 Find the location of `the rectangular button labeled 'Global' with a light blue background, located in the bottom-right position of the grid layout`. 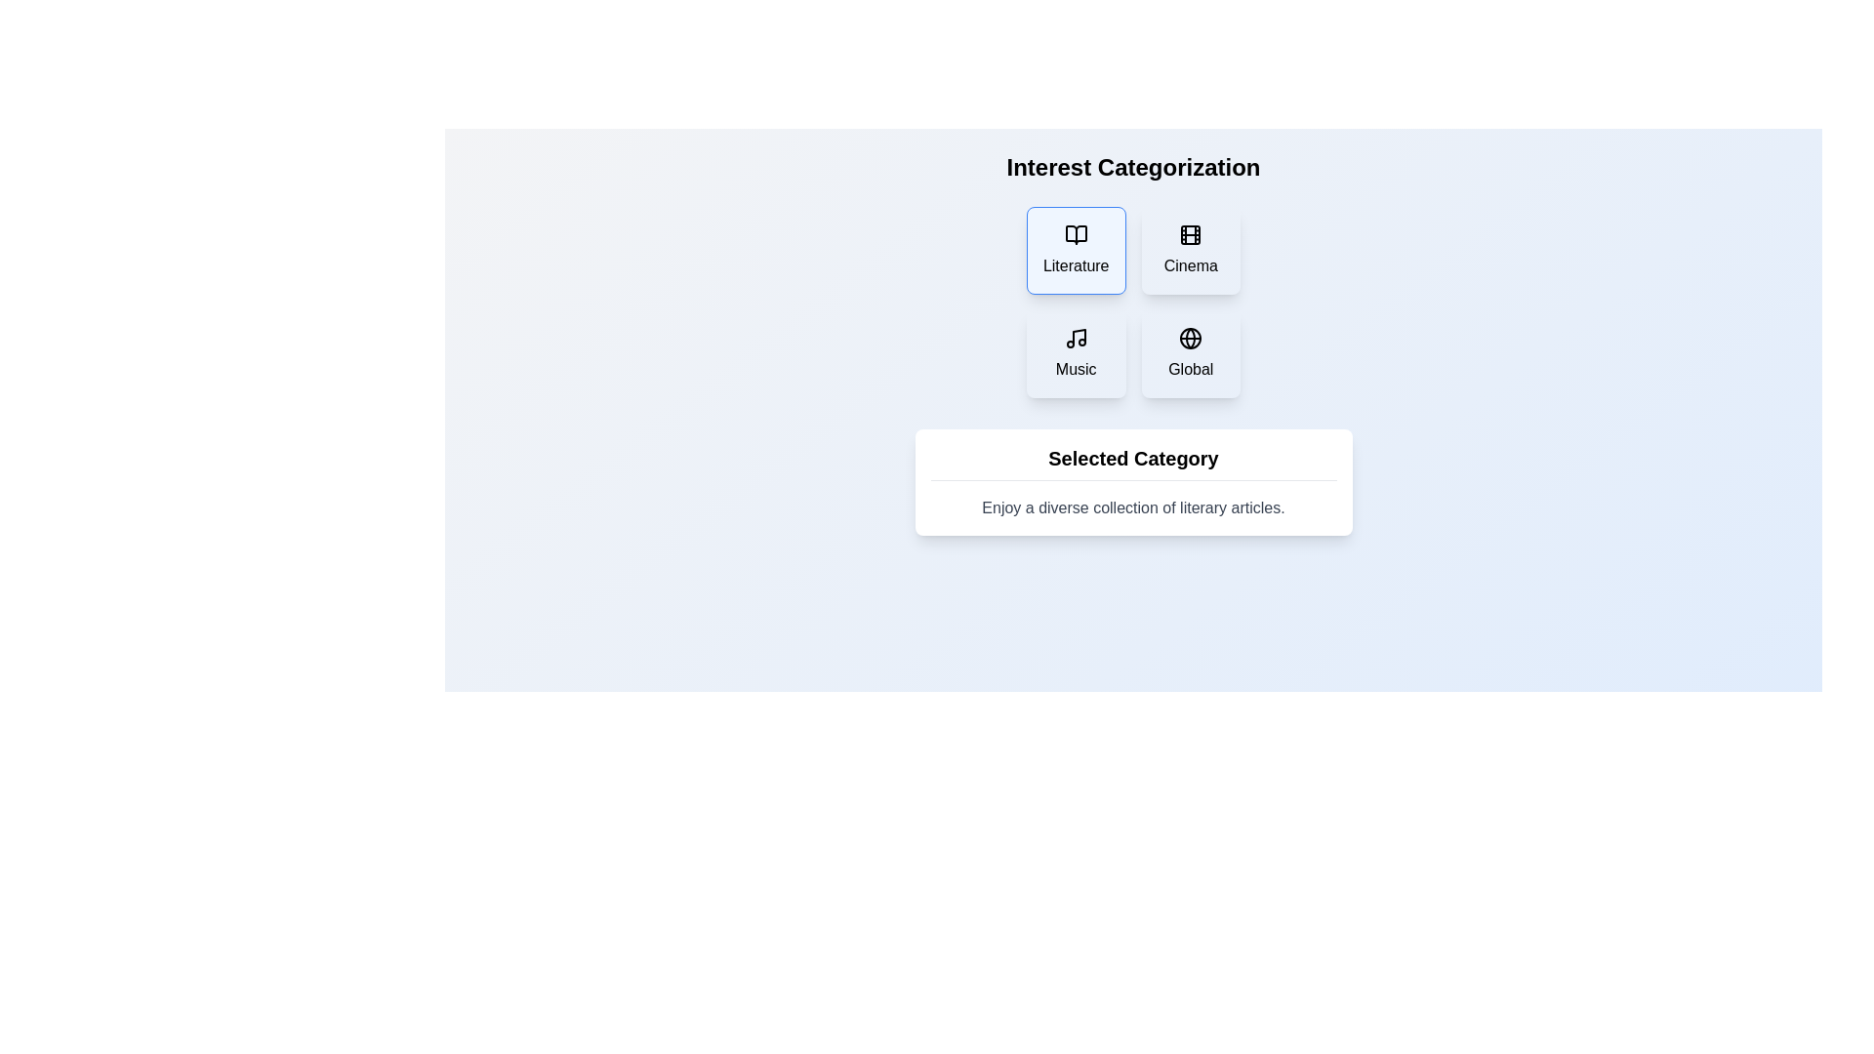

the rectangular button labeled 'Global' with a light blue background, located in the bottom-right position of the grid layout is located at coordinates (1190, 353).